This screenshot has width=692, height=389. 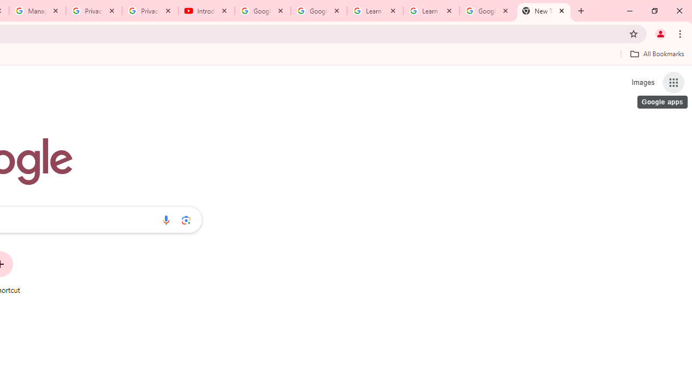 I want to click on 'New Tab', so click(x=544, y=11).